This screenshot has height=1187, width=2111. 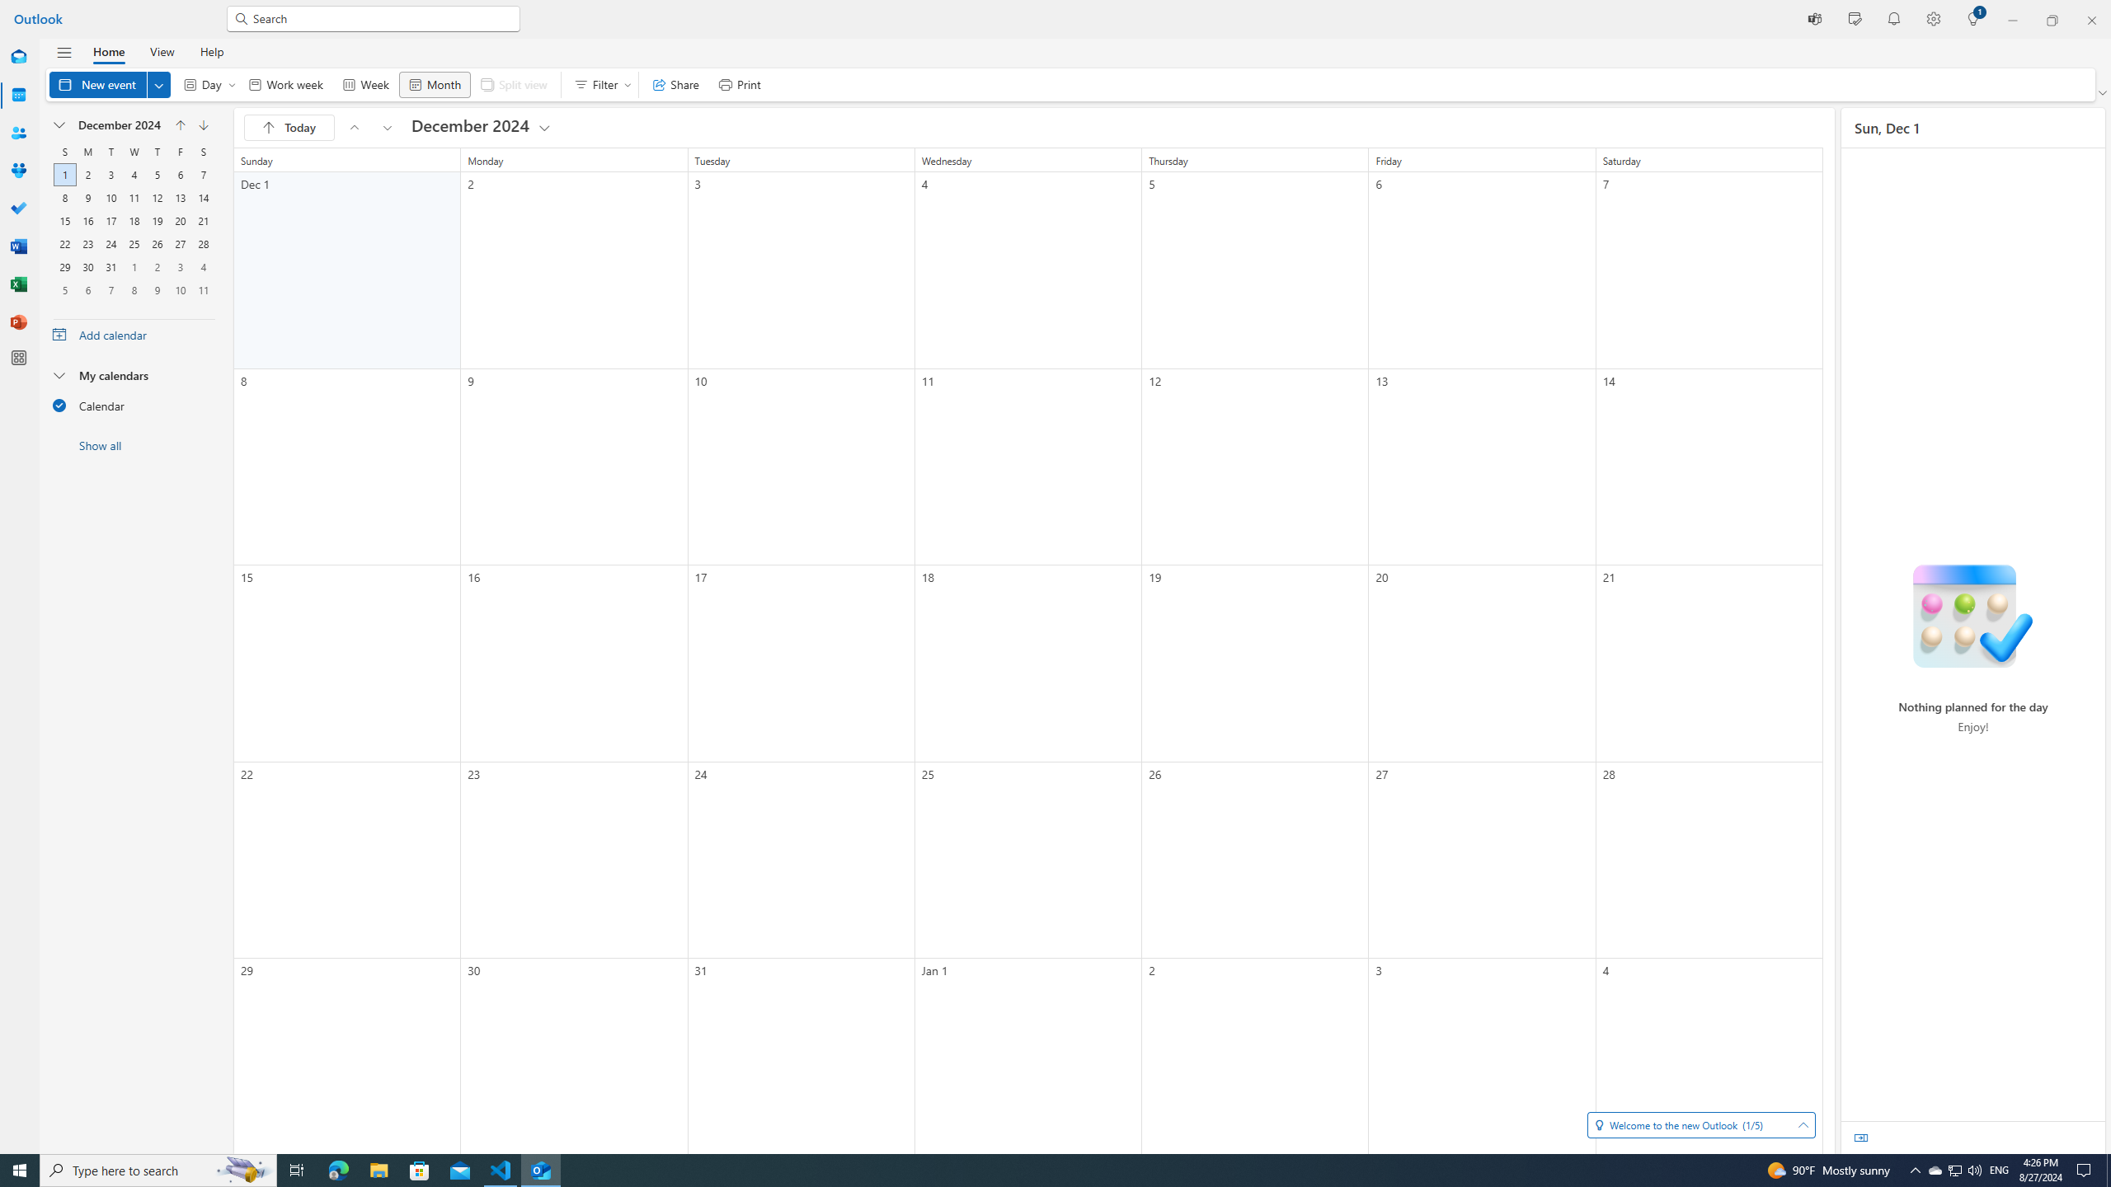 I want to click on 'Home', so click(x=107, y=50).